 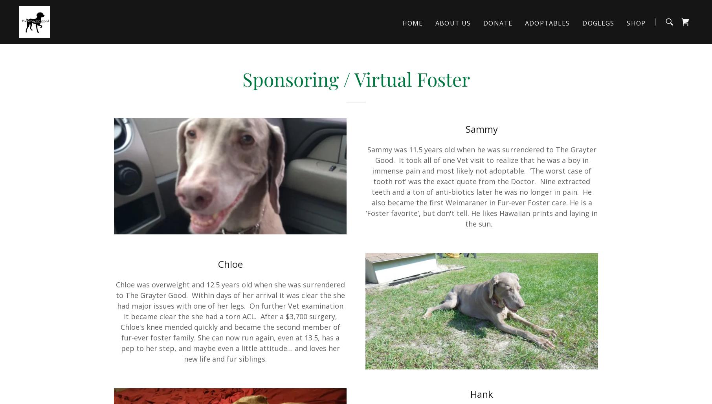 I want to click on 'Chloe was overweight and 12.5 years old when she was surrendered to The Grayter Good.  Within days of her arrival it was clear the she had major issues with one of her legs.  On further Vet examination it became clear the she had a torn ACL.  After a $3,700 surgery, Chloe's knee mended quickly and became the second member of fur-ever foster family. She can now run again, even at 13.5, has a pep to her step, and maybe even a little attitude… and loves her new life and fur siblings.', so click(x=116, y=321).